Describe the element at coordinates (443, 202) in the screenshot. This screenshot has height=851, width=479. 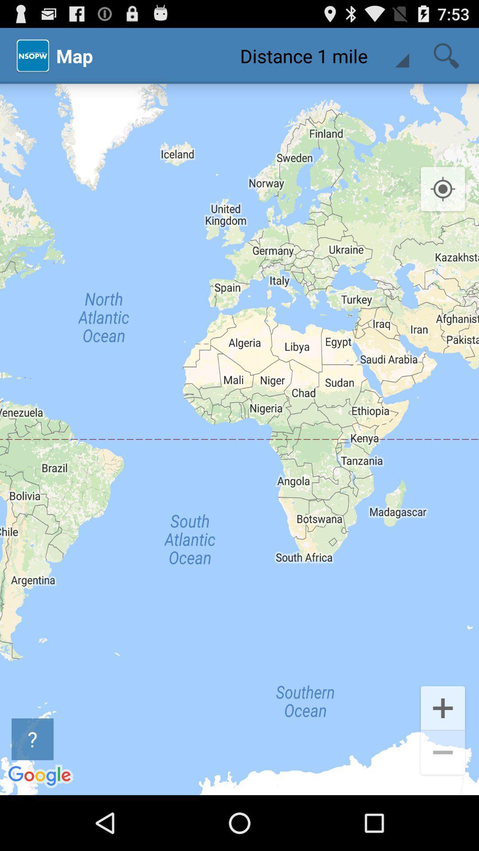
I see `the location_crosshair icon` at that location.